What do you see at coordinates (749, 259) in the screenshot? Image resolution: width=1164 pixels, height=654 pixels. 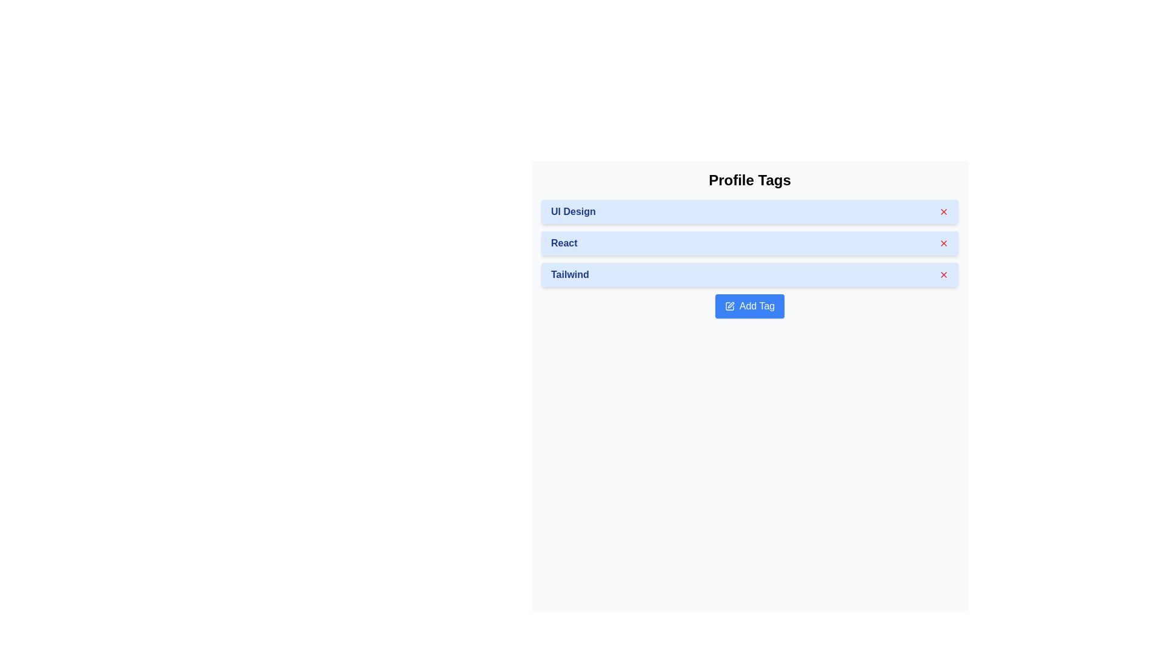 I see `the 'React' tag in the 'Profile Tags' section` at bounding box center [749, 259].